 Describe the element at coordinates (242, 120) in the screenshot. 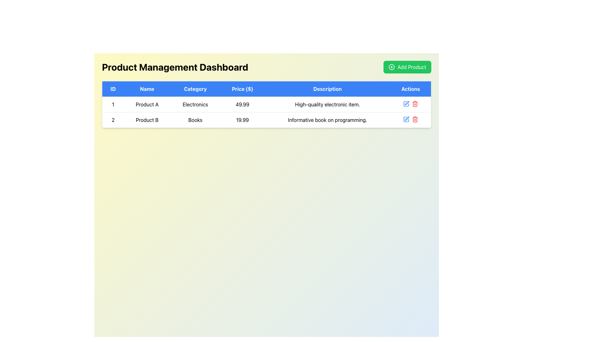

I see `the static text displaying the price '19.99' located in the fourth column of the second row under the 'Price ($)' column for 'Product B'` at that location.